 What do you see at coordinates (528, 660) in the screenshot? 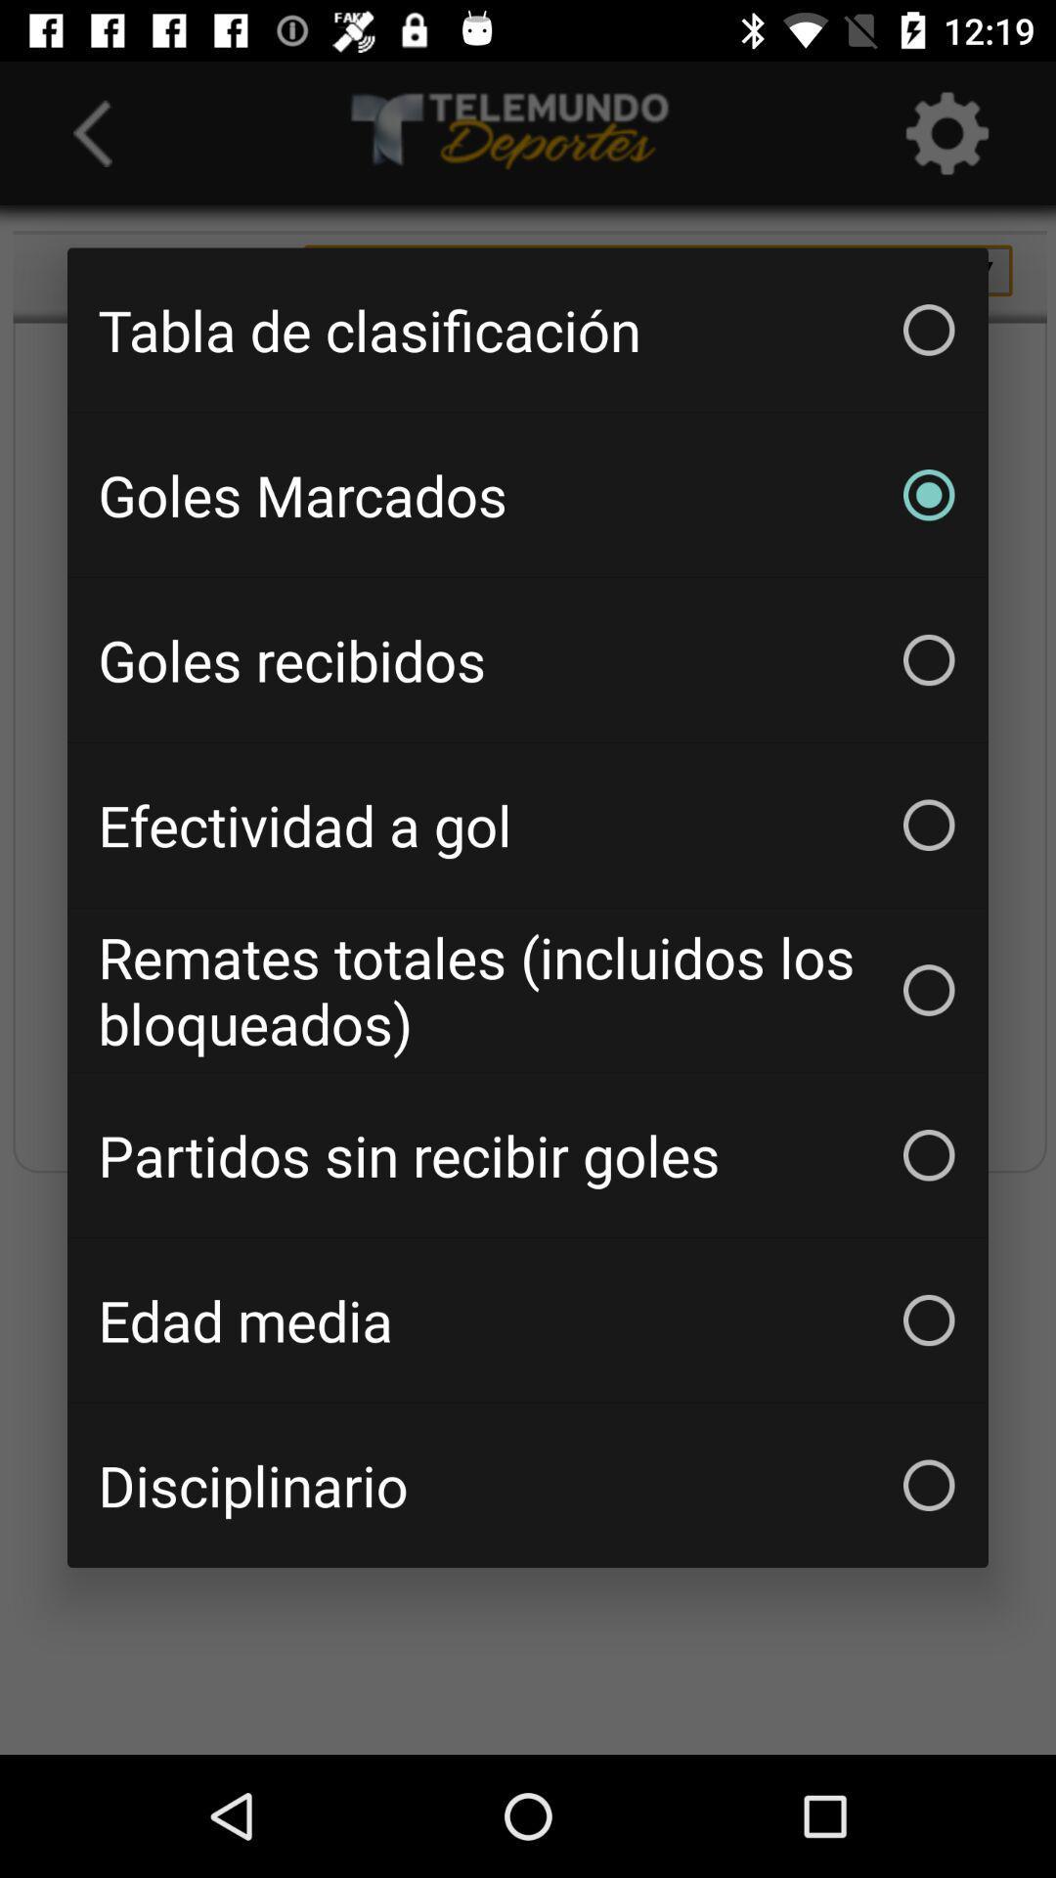
I see `goles recibidos` at bounding box center [528, 660].